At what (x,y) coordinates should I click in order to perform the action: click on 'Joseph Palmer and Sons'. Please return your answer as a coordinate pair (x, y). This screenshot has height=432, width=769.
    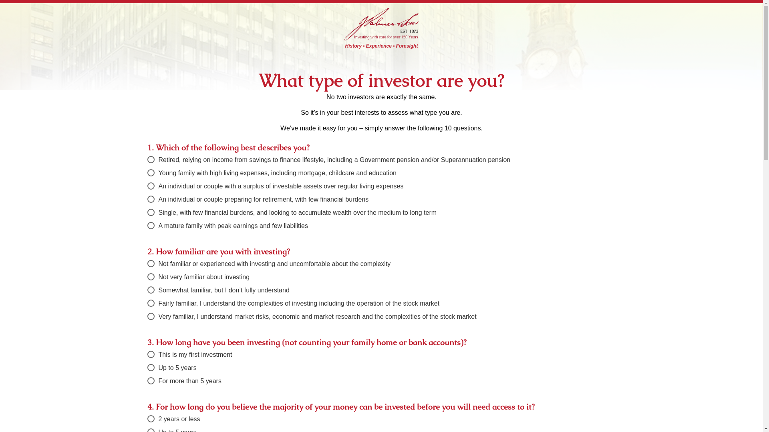
    Looking at the image, I should click on (381, 22).